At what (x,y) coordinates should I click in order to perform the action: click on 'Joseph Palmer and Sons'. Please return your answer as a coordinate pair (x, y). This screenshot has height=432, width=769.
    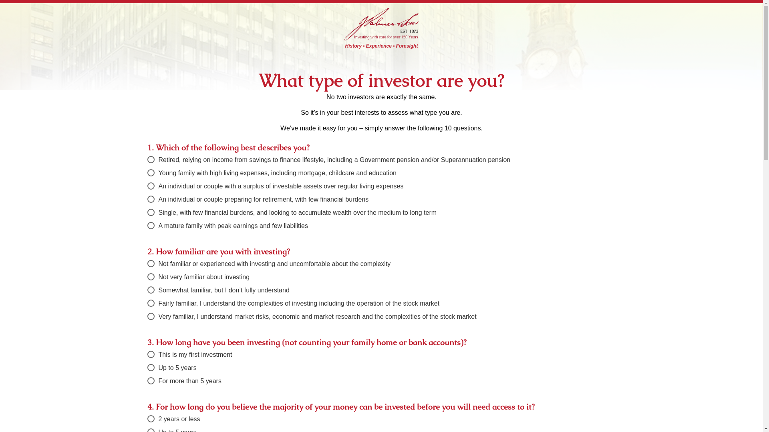
    Looking at the image, I should click on (381, 22).